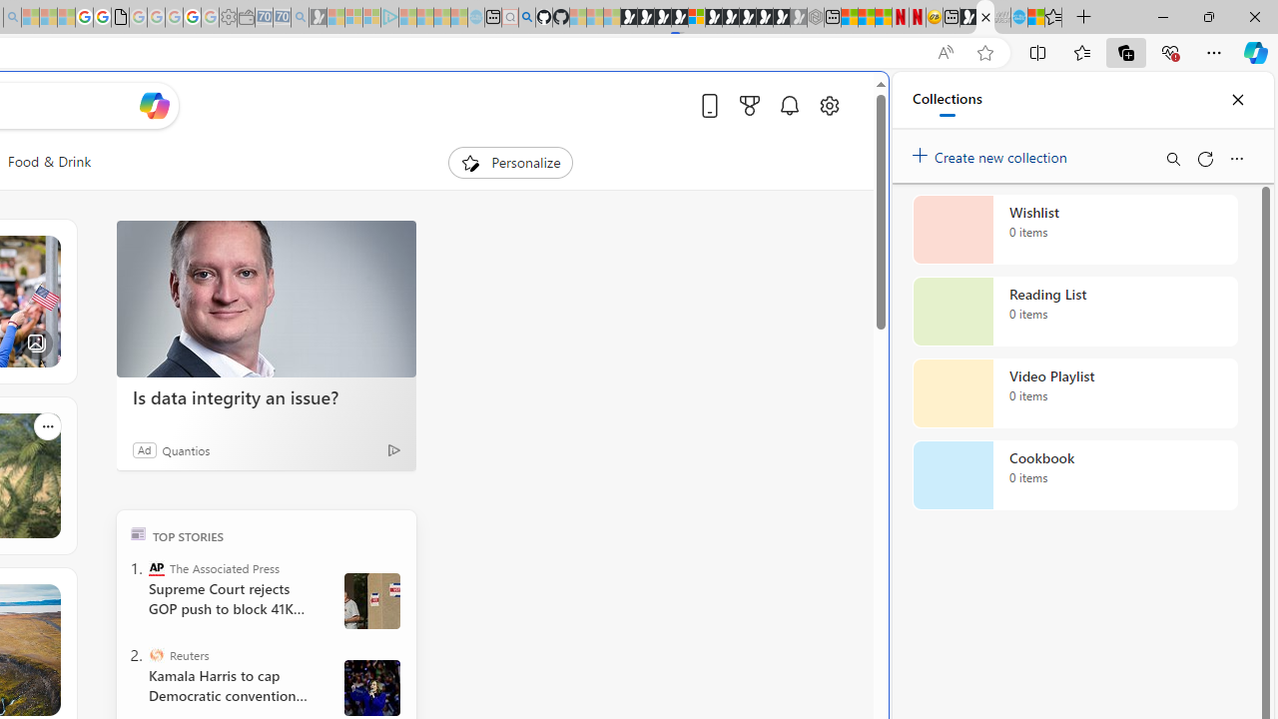  What do you see at coordinates (993, 152) in the screenshot?
I see `'Create new collection'` at bounding box center [993, 152].